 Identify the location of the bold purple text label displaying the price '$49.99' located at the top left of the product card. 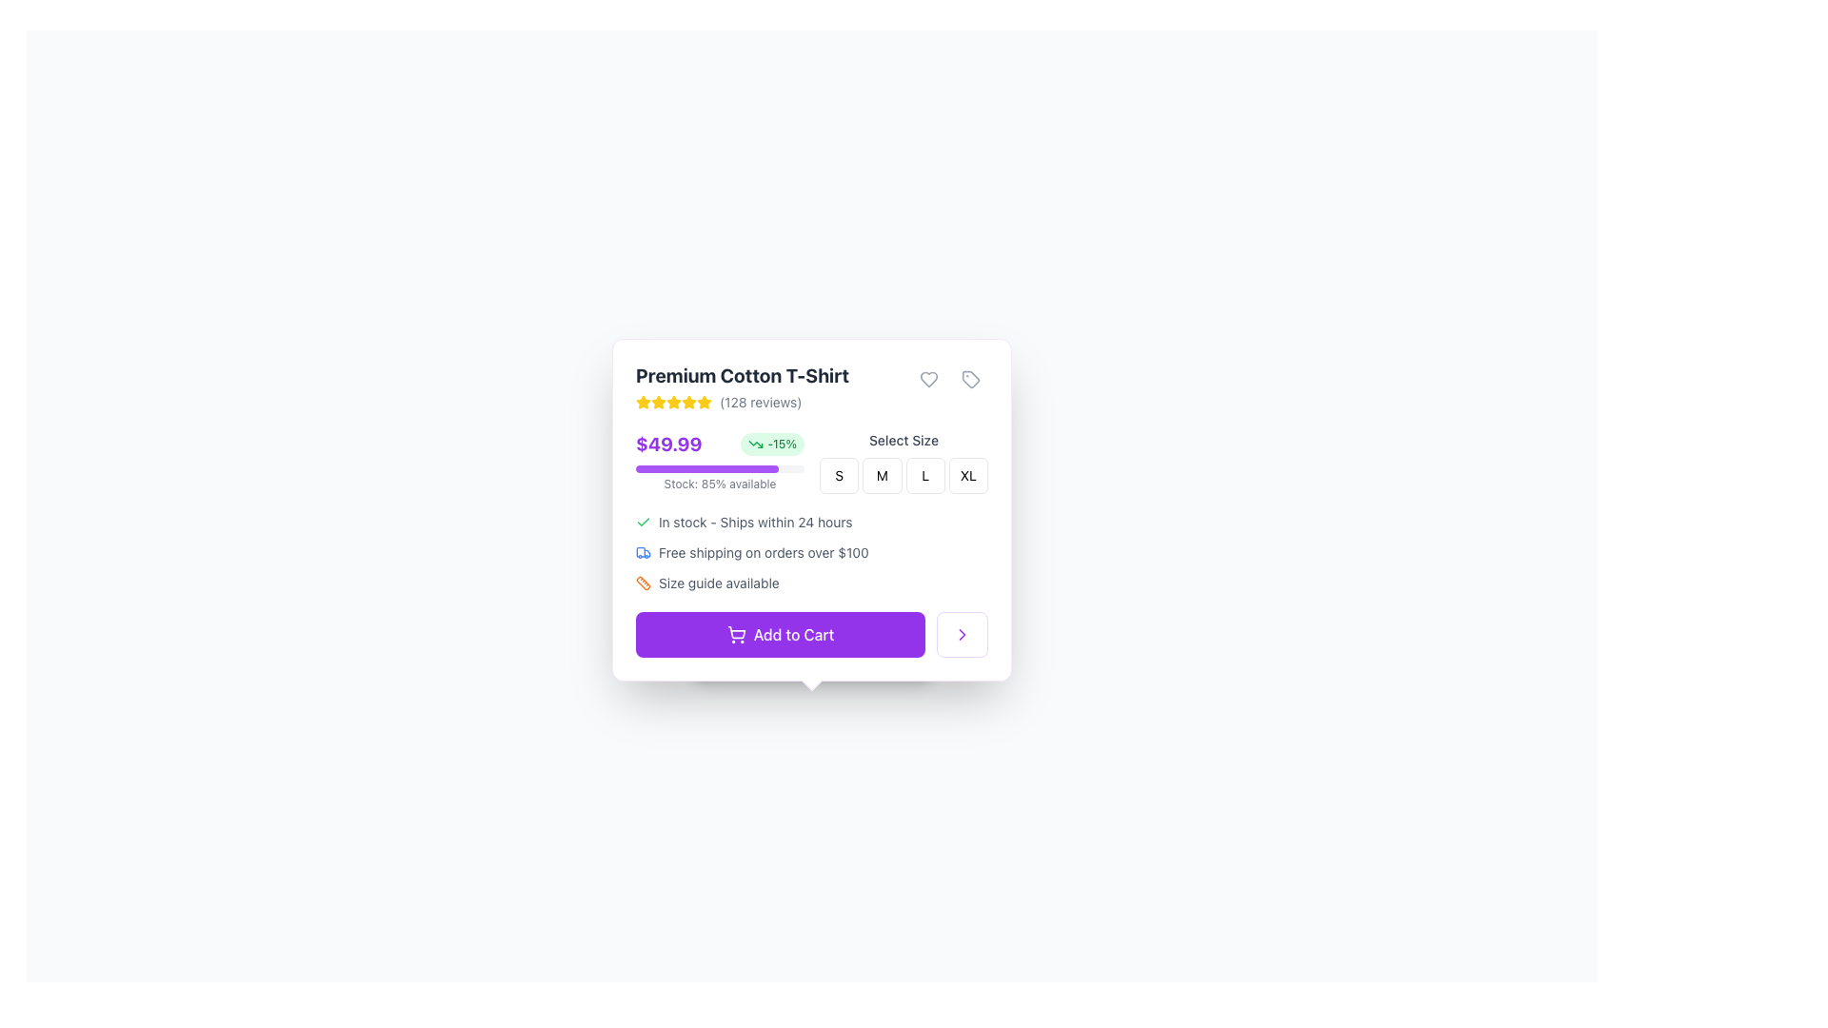
(668, 444).